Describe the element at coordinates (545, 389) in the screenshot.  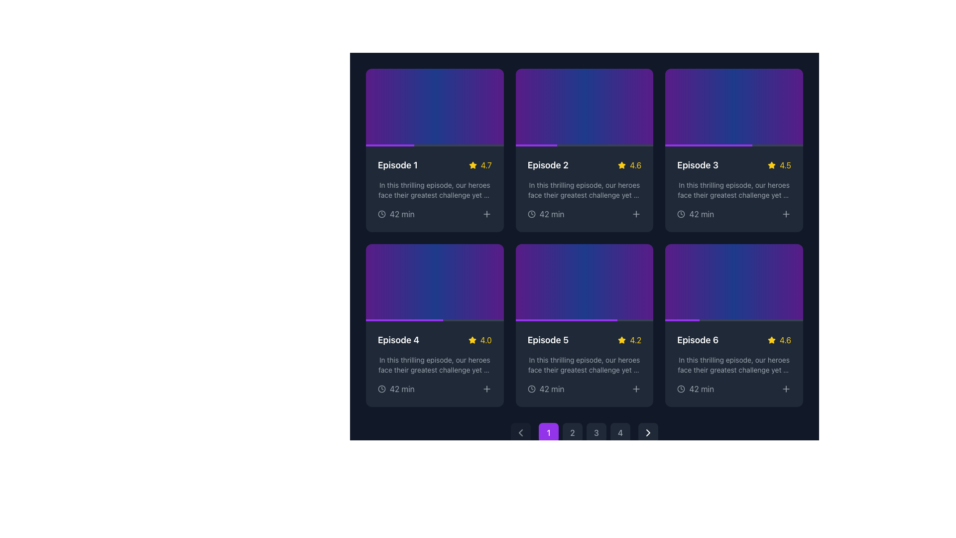
I see `the Text with Icon that indicates the duration of the episode associated with the card titled 'Episode 5', located in the lower section of the card near the bottom-left corner` at that location.